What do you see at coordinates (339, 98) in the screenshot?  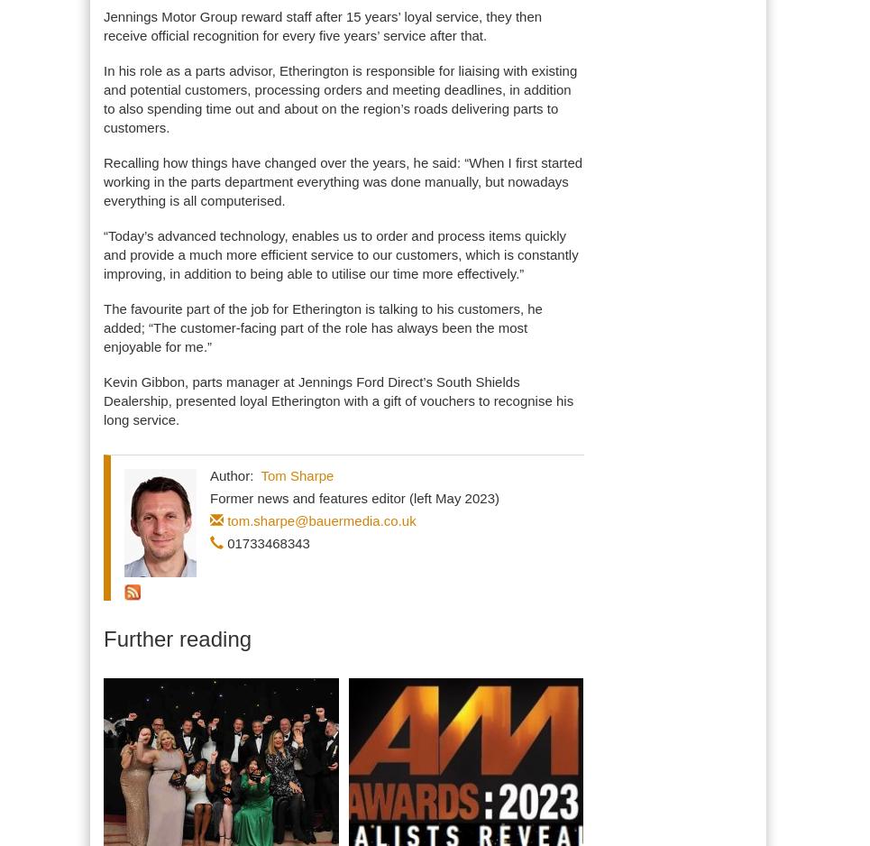 I see `'In his role as a parts advisor, Etherington is responsible for liaising with existing and potential customers, processing orders and meeting deadlines, in addition to also spending time out and about on the region’s roads delivering parts to customers.'` at bounding box center [339, 98].